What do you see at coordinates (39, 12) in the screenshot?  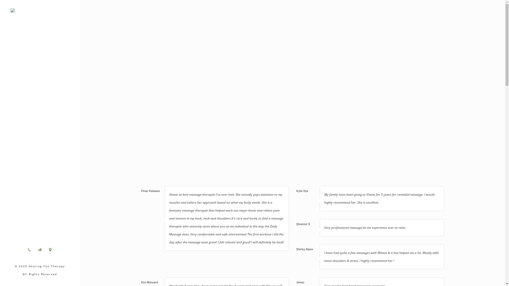 I see `'Massage Therapist Slacks Creek'` at bounding box center [39, 12].